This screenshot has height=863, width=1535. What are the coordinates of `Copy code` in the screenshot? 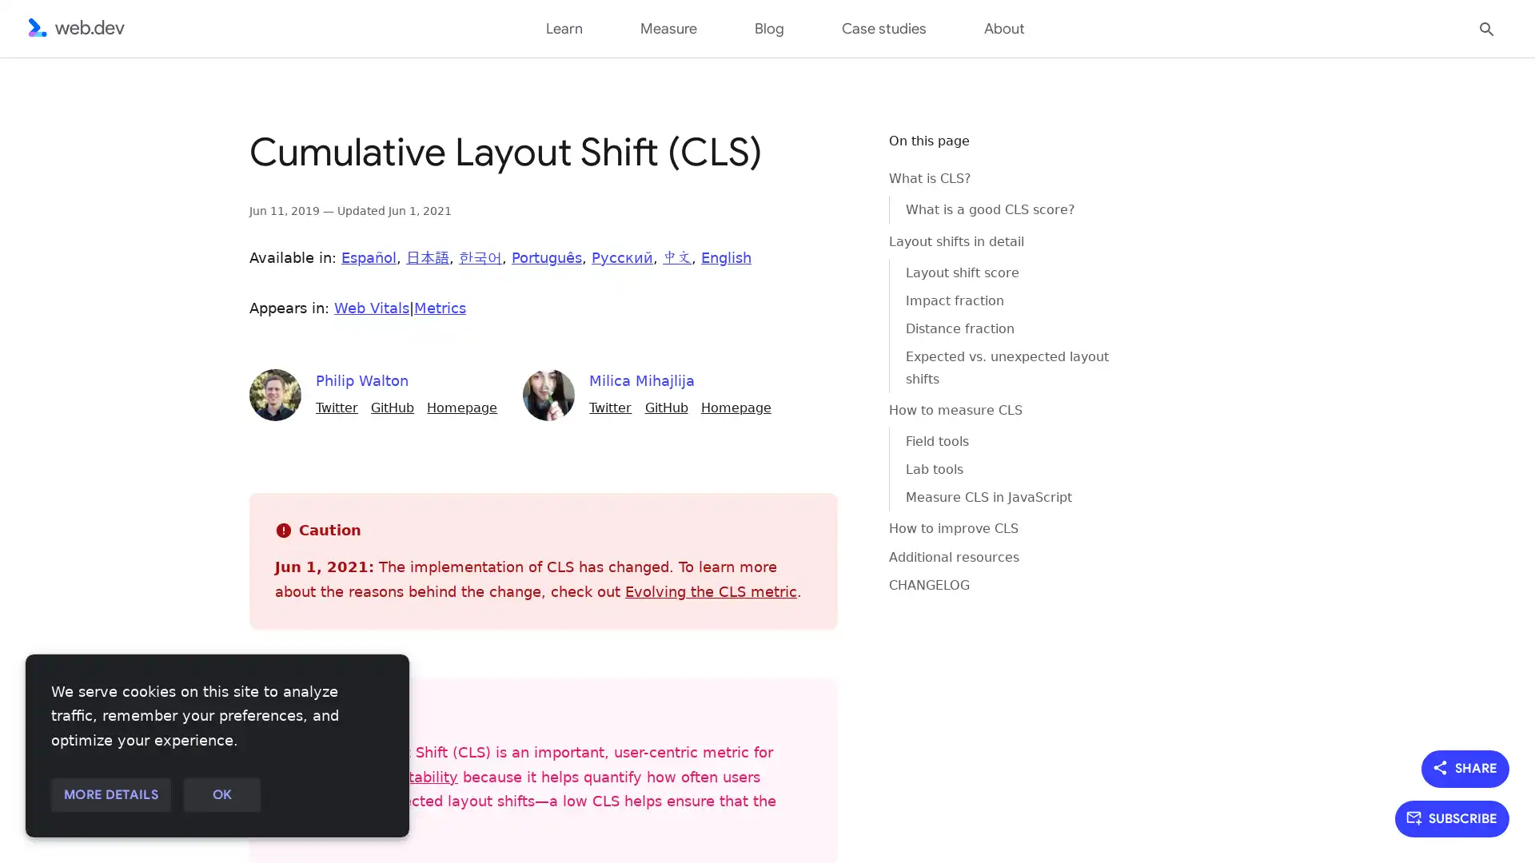 It's located at (836, 154).